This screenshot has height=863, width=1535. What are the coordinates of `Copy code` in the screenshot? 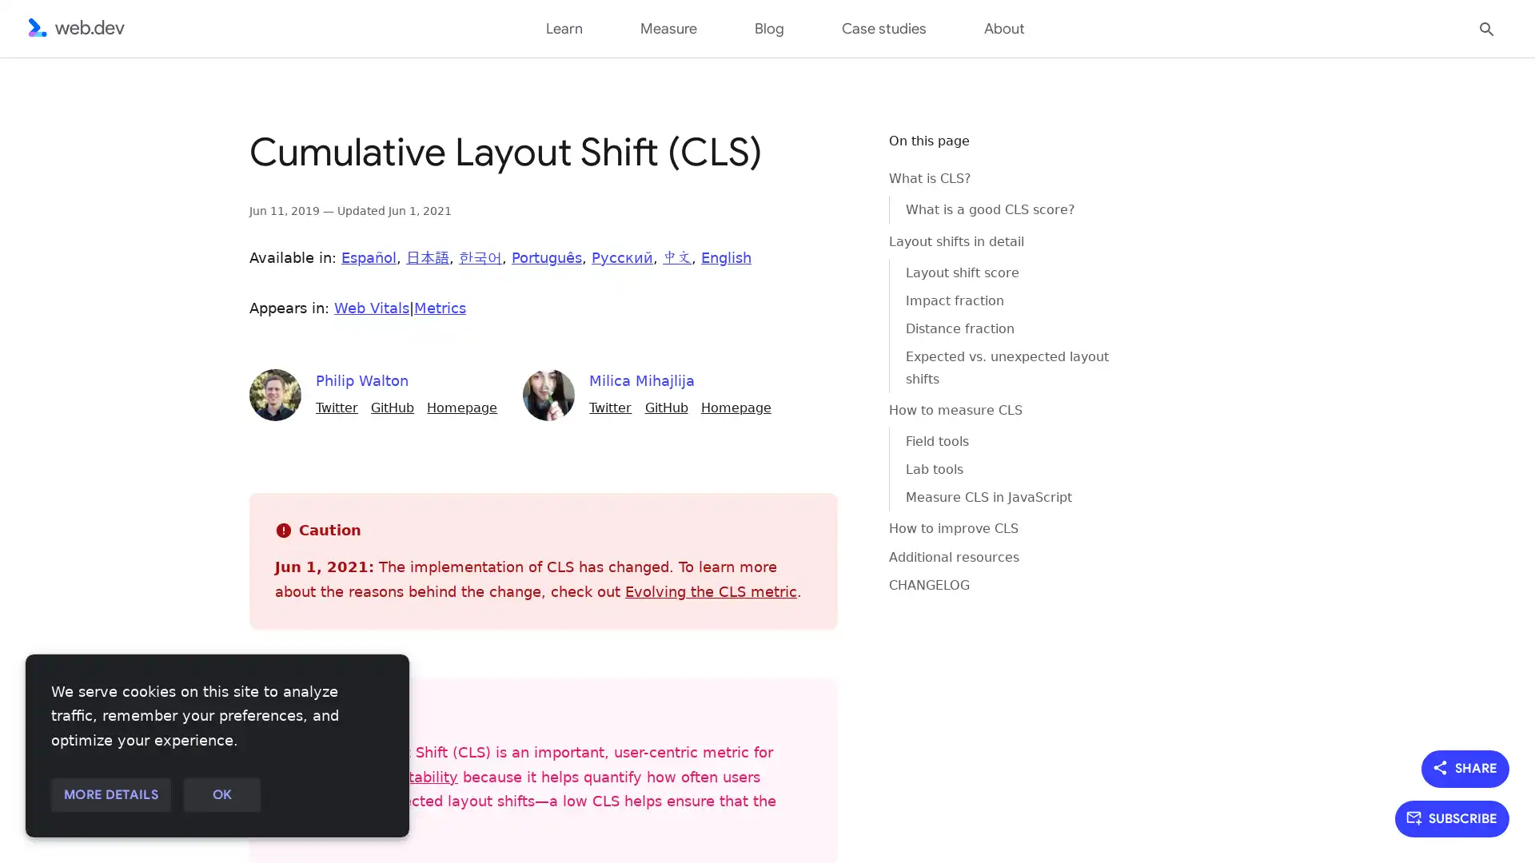 It's located at (836, 154).